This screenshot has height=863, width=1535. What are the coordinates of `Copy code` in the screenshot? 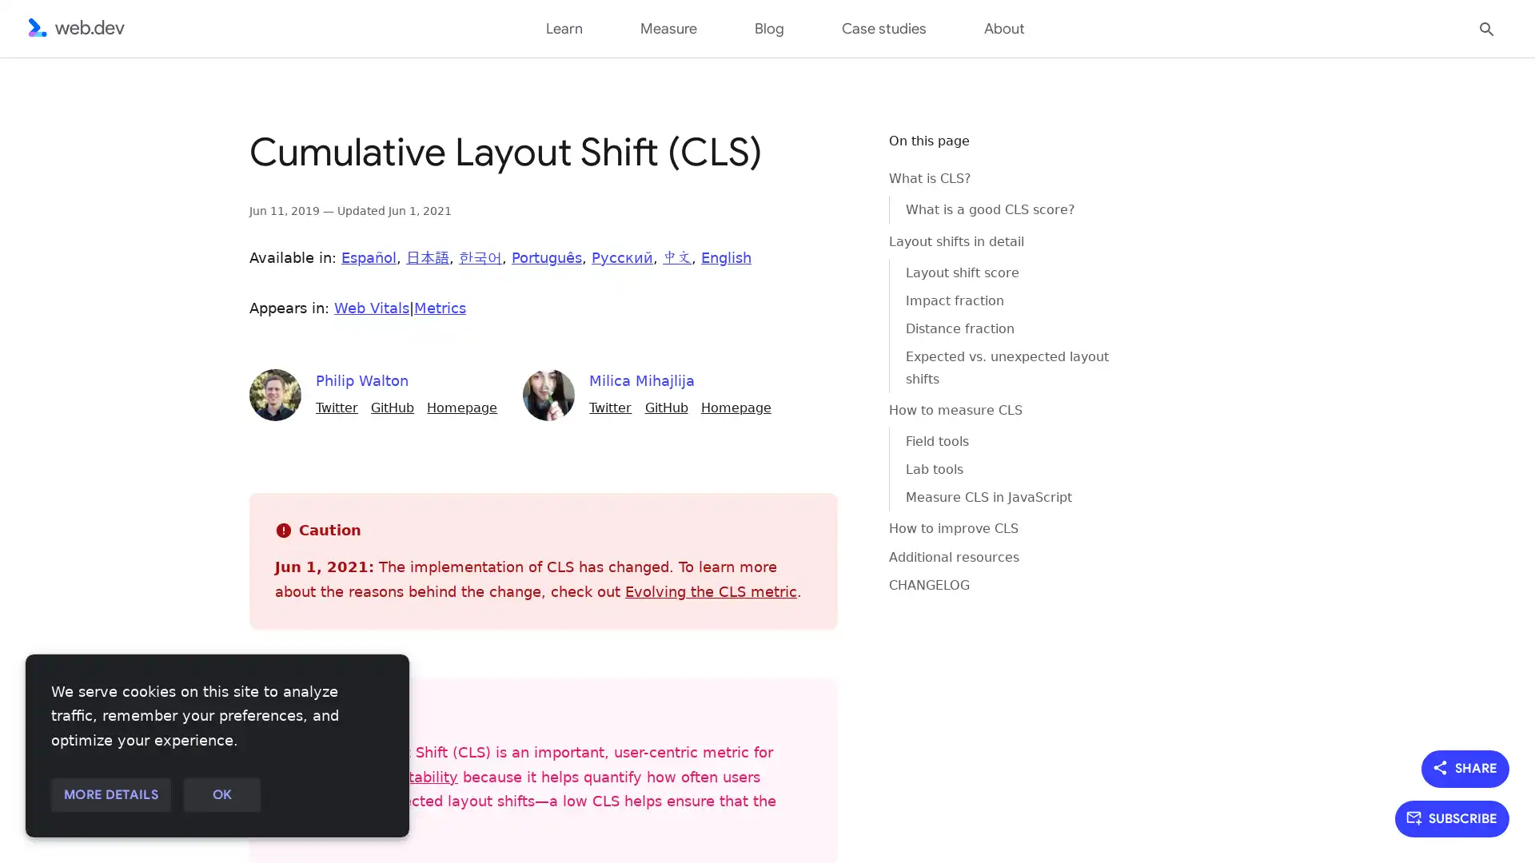 It's located at (836, 154).